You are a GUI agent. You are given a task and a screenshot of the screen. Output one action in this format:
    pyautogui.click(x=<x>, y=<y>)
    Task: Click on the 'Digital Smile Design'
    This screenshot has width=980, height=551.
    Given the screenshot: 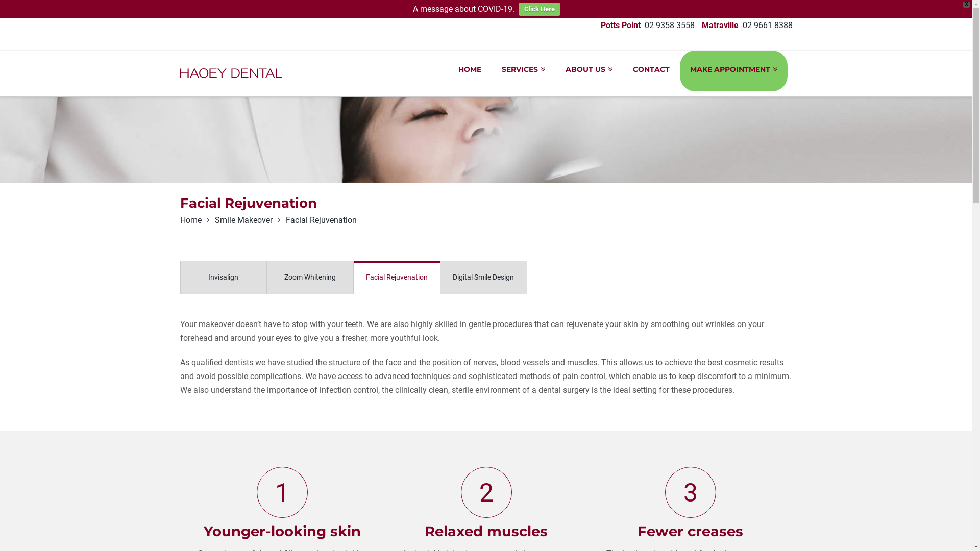 What is the action you would take?
    pyautogui.click(x=482, y=277)
    